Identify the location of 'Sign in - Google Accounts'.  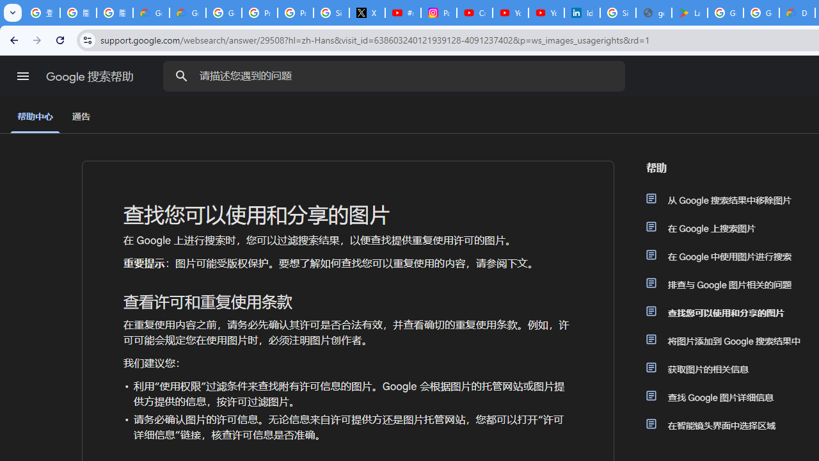
(618, 13).